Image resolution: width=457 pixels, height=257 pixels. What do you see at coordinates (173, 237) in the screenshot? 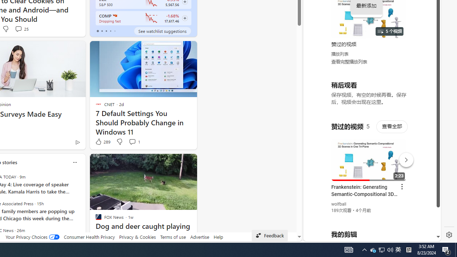
I see `'Terms of use'` at bounding box center [173, 237].